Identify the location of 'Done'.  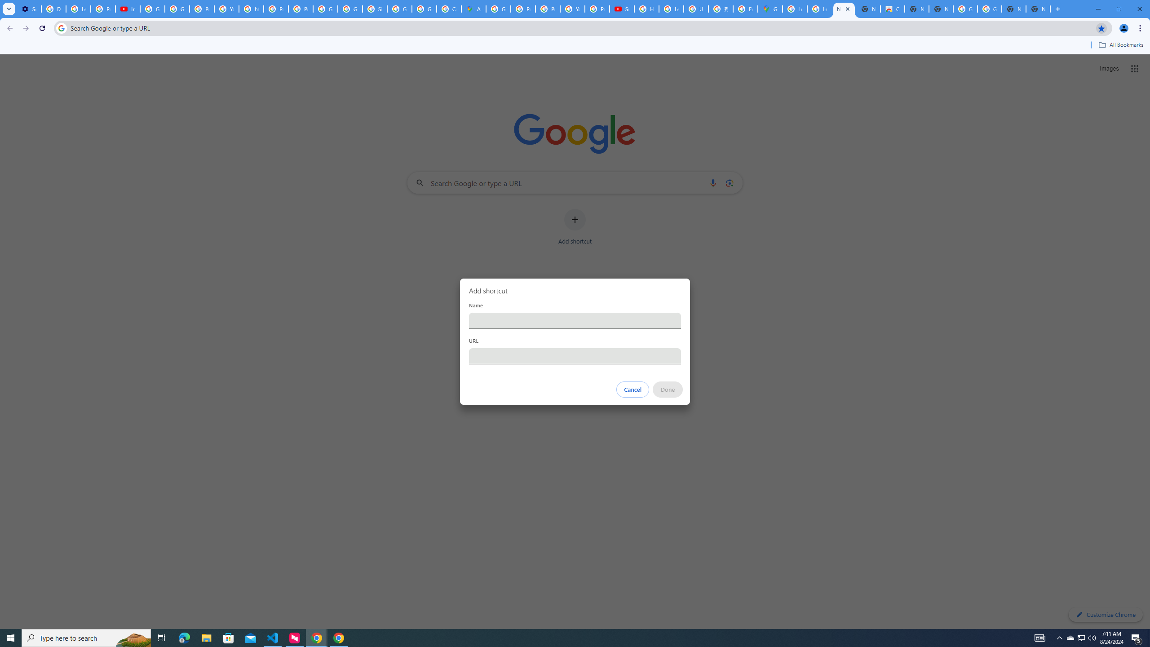
(668, 389).